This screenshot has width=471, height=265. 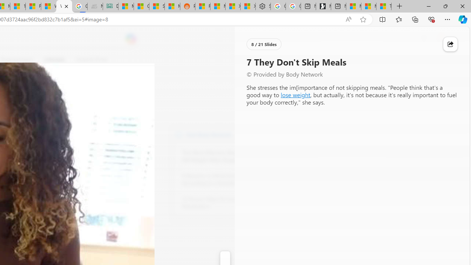 I want to click on 'Go to publisher', so click(x=67, y=95).